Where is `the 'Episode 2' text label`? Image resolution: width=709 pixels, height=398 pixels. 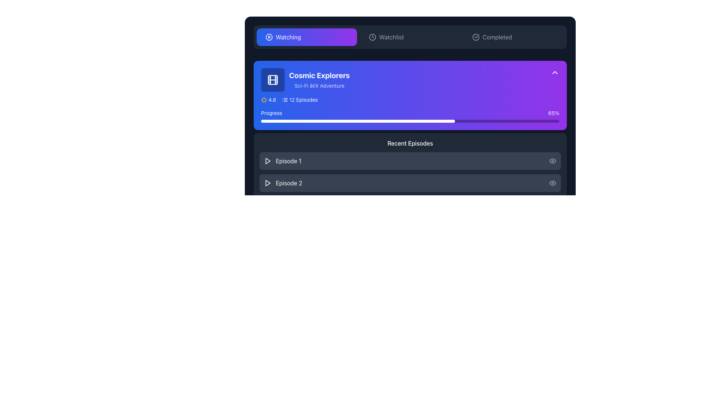
the 'Episode 2' text label is located at coordinates (288, 183).